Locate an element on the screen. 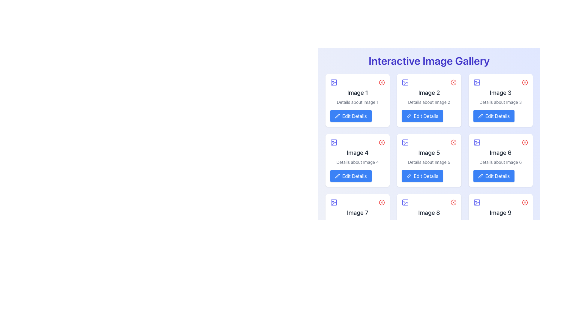  the pen icon located inside the button labeled 'Edit Details' to initiate the editing process is located at coordinates (337, 116).